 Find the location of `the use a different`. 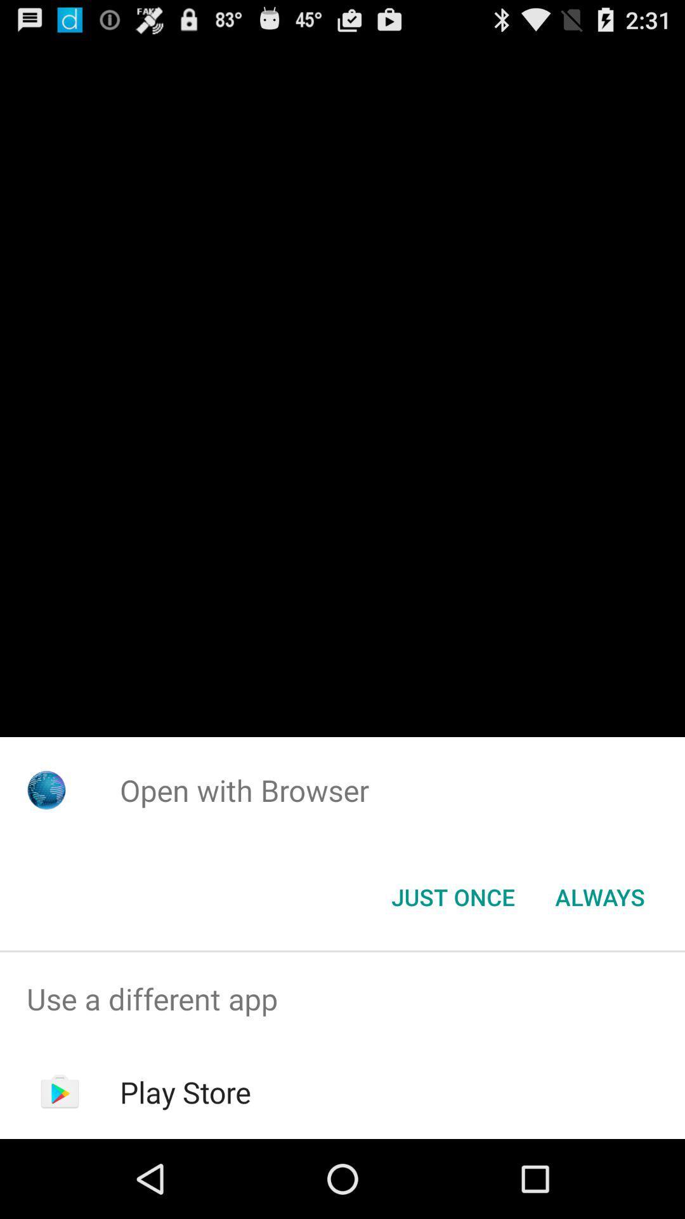

the use a different is located at coordinates (342, 998).